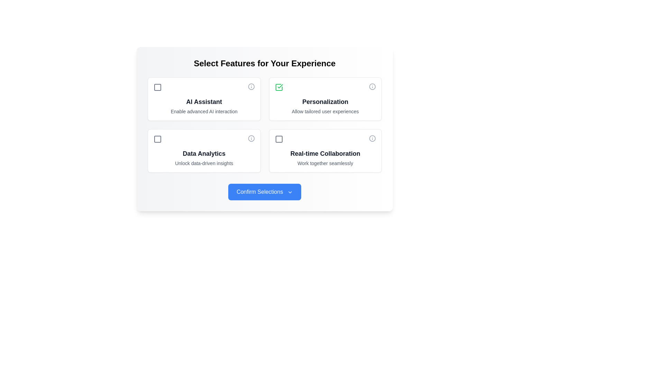 The image size is (664, 373). I want to click on descriptive text about the 'AI Assistant' feature located below the 'AI Assistant' title within its card, so click(204, 111).